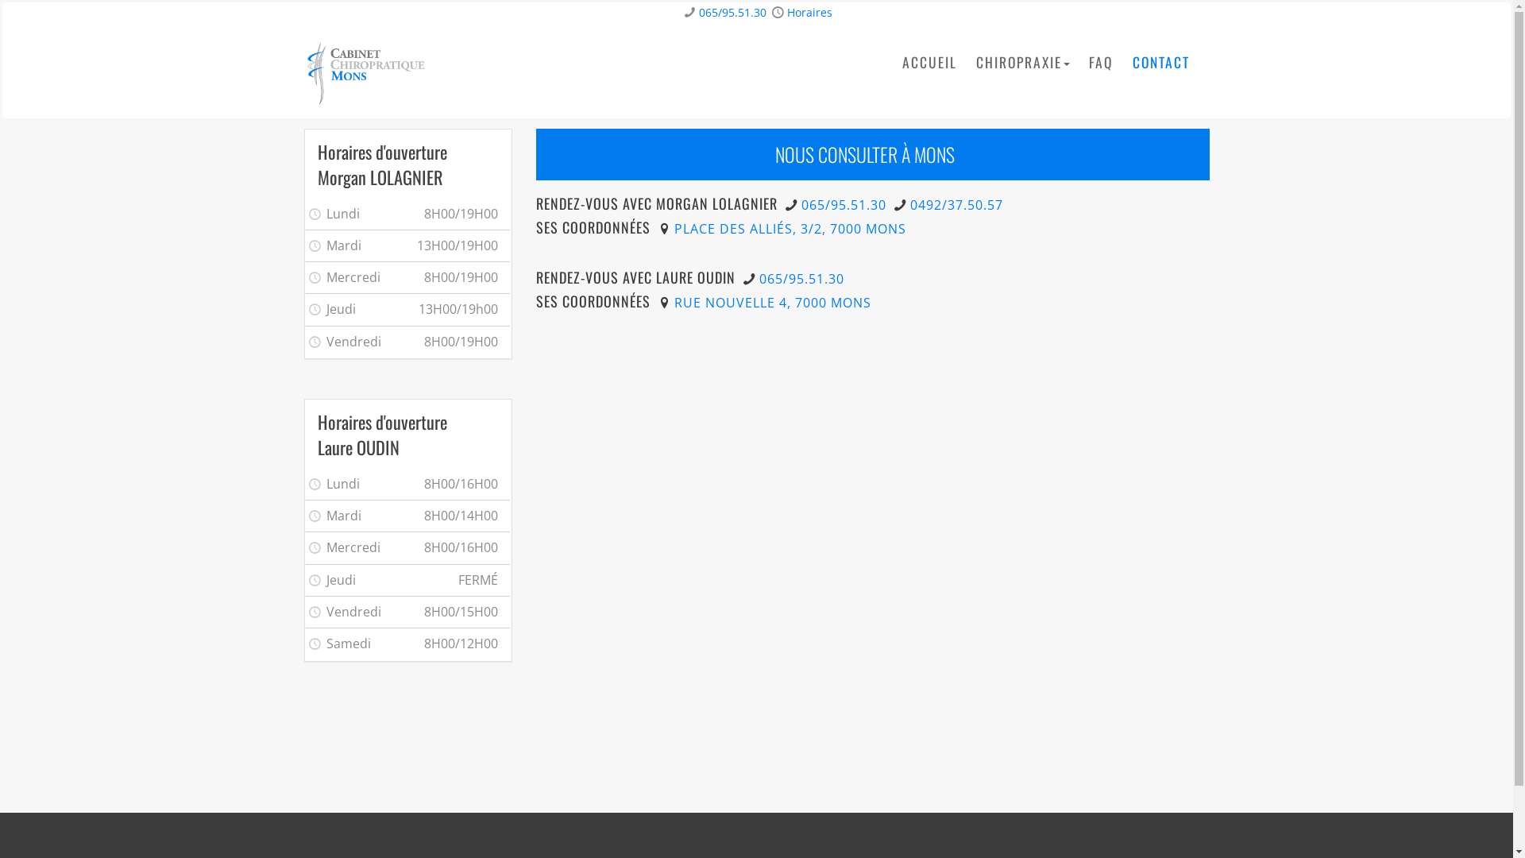  Describe the element at coordinates (773, 303) in the screenshot. I see `'RUE NOUVELLE 4, 7000 MONS'` at that location.